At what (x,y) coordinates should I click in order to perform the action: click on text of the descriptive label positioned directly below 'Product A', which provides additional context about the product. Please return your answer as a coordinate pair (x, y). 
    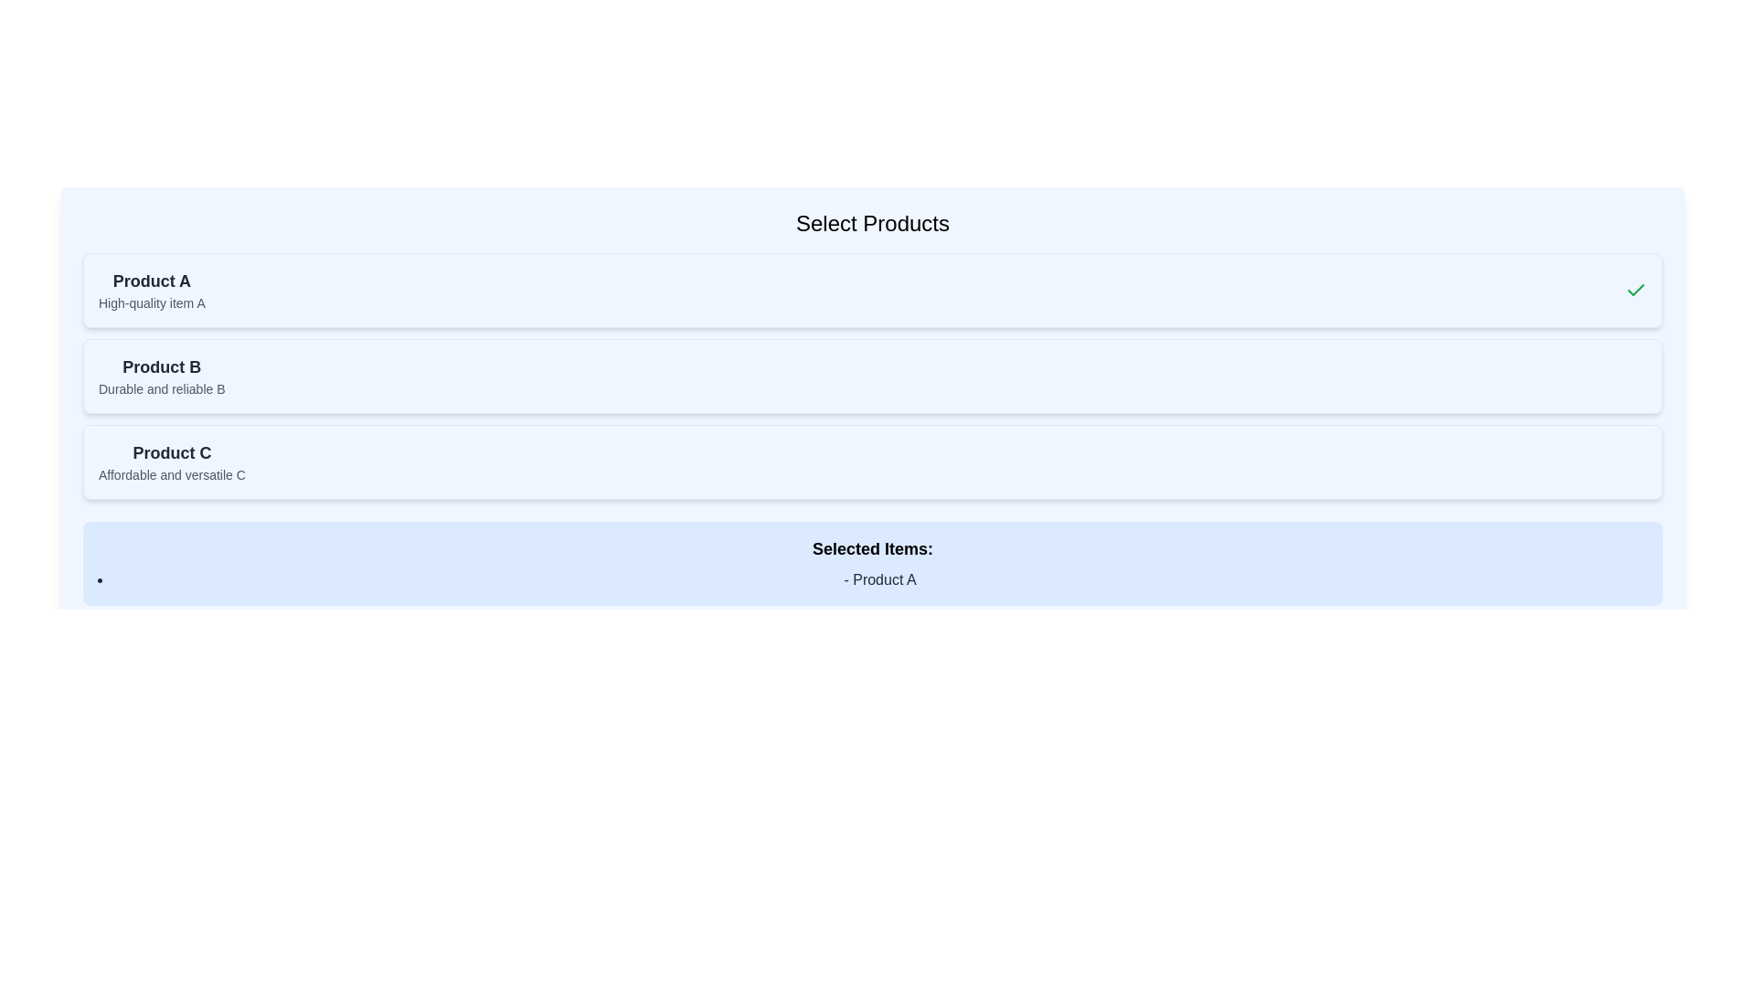
    Looking at the image, I should click on (152, 302).